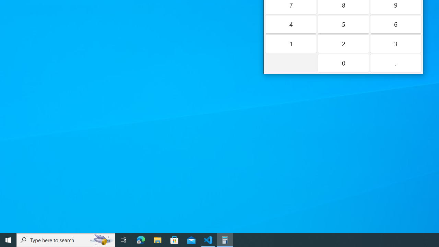 Image resolution: width=439 pixels, height=247 pixels. I want to click on 'Microsoft Edge', so click(141, 239).